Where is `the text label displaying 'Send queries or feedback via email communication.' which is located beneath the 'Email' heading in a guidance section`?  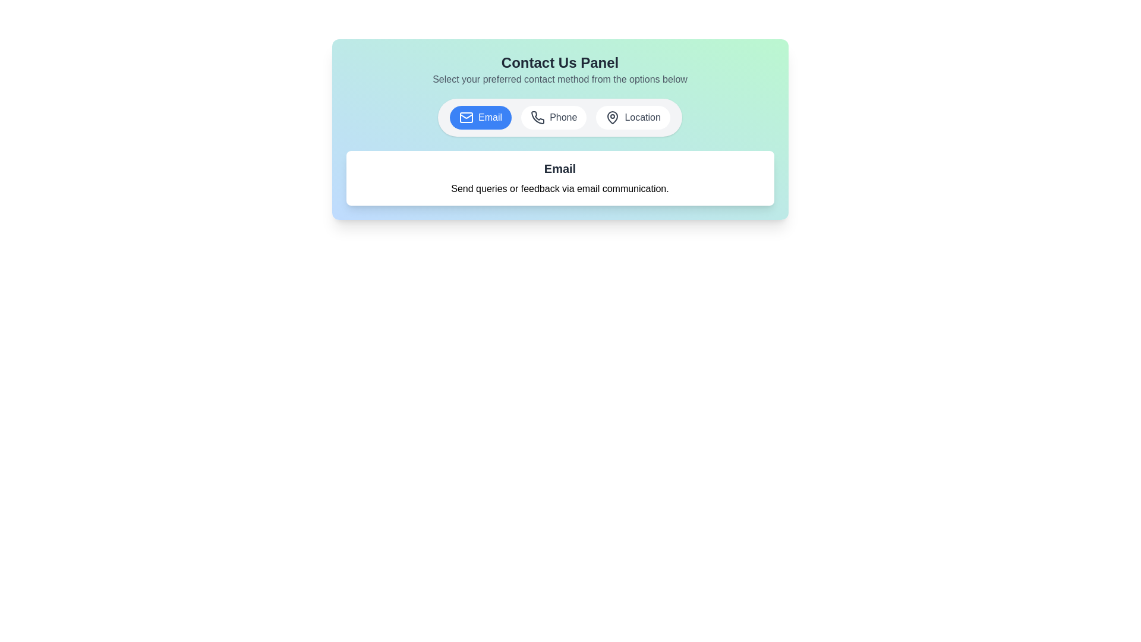
the text label displaying 'Send queries or feedback via email communication.' which is located beneath the 'Email' heading in a guidance section is located at coordinates (559, 188).